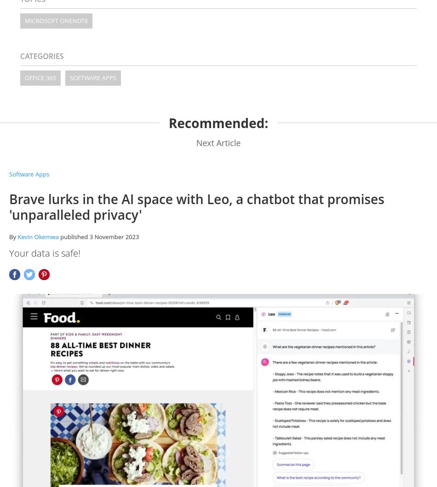  I want to click on 'CATEGORIES', so click(42, 55).